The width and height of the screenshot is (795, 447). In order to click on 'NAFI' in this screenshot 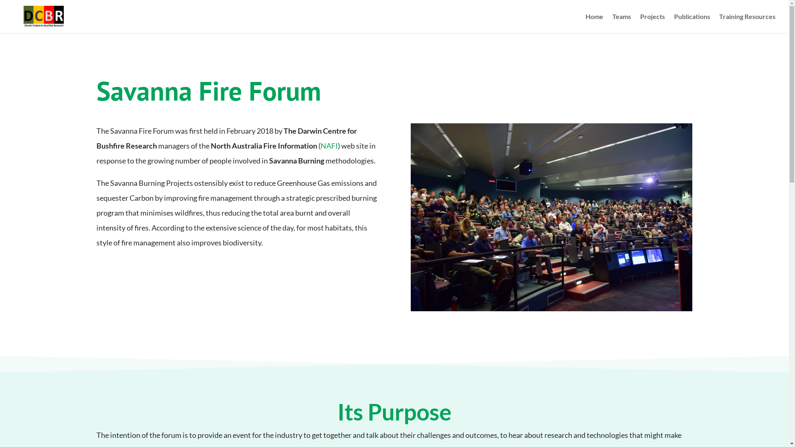, I will do `click(320, 145)`.